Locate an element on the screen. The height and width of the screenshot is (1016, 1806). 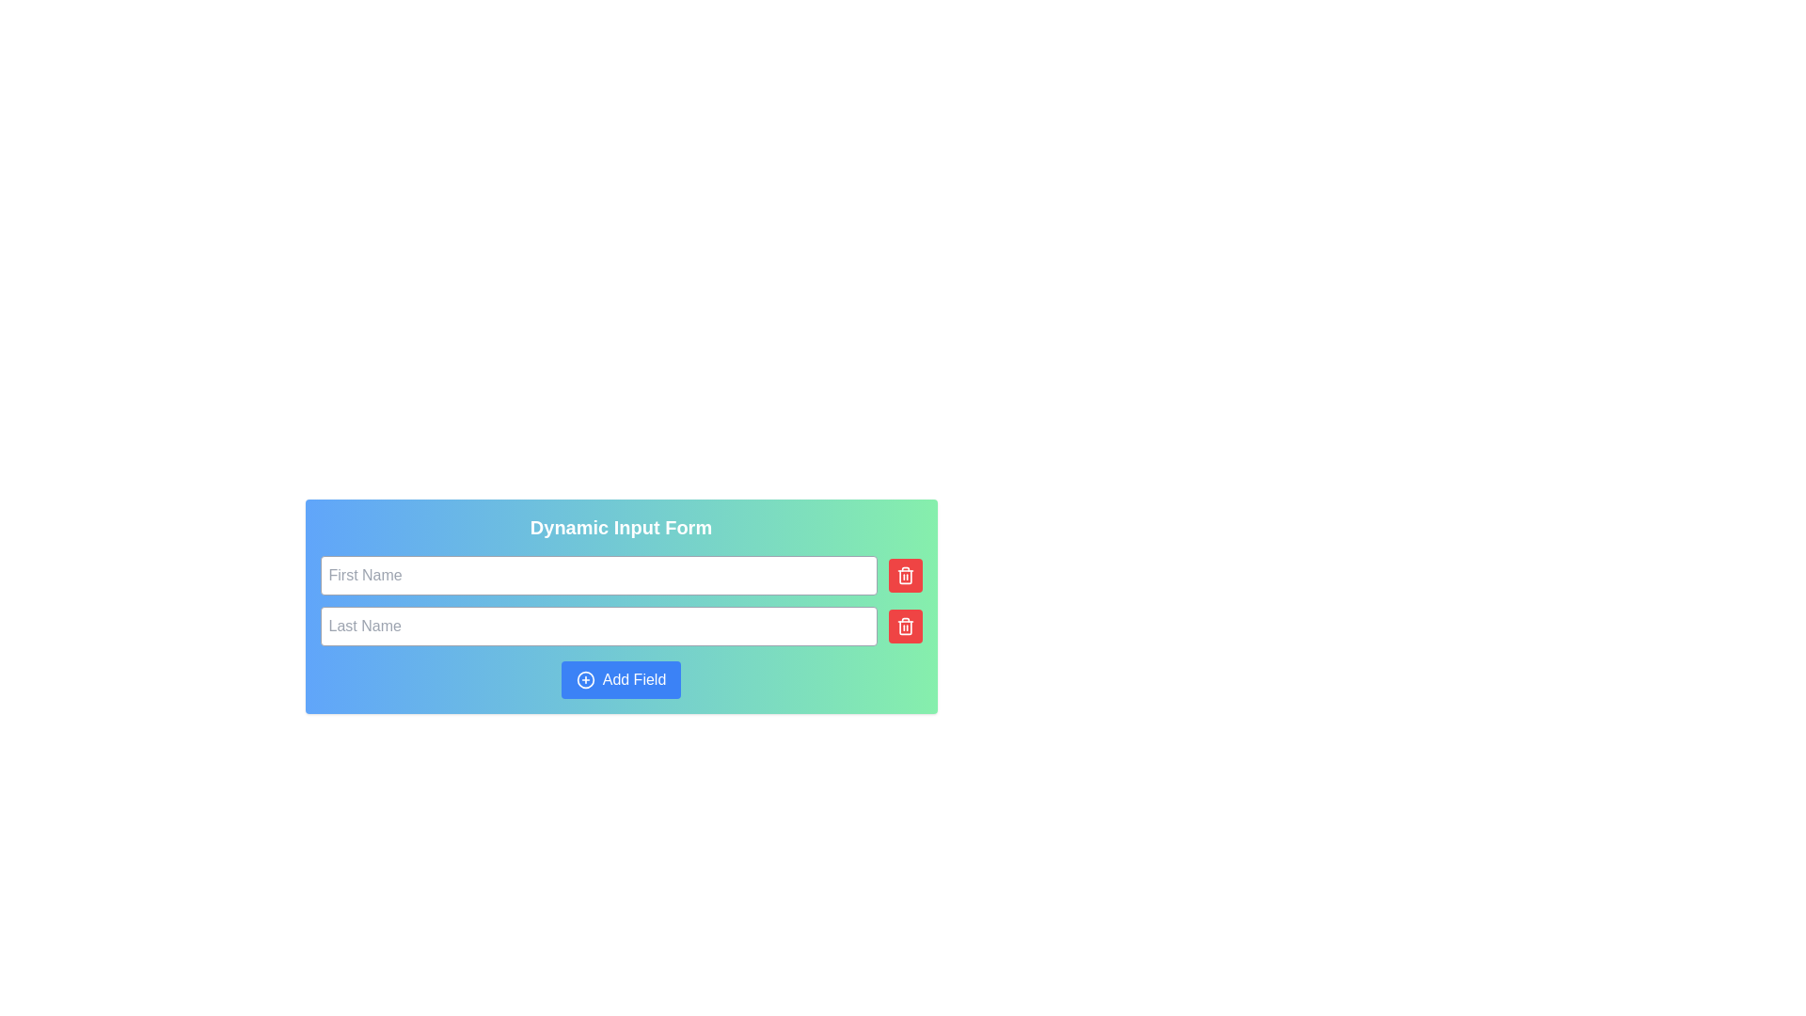
the button located at the bottom of the form card is located at coordinates (621, 679).